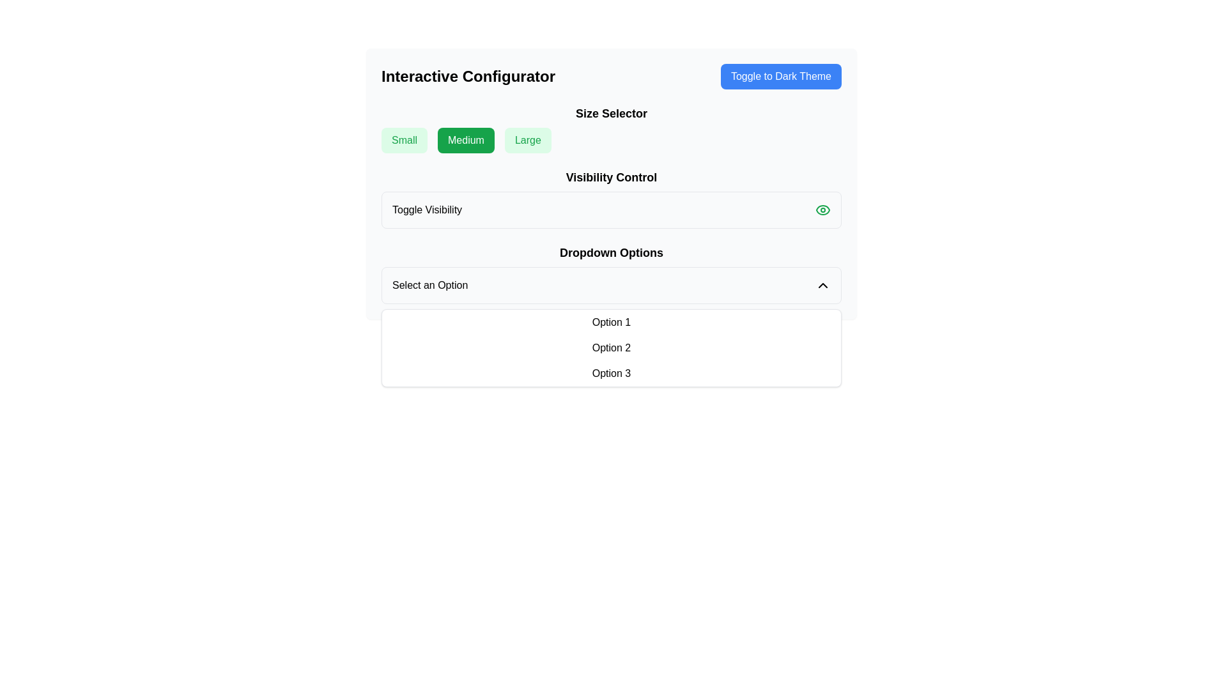 Image resolution: width=1227 pixels, height=690 pixels. Describe the element at coordinates (610, 273) in the screenshot. I see `the 'Dropdown Options' menu` at that location.